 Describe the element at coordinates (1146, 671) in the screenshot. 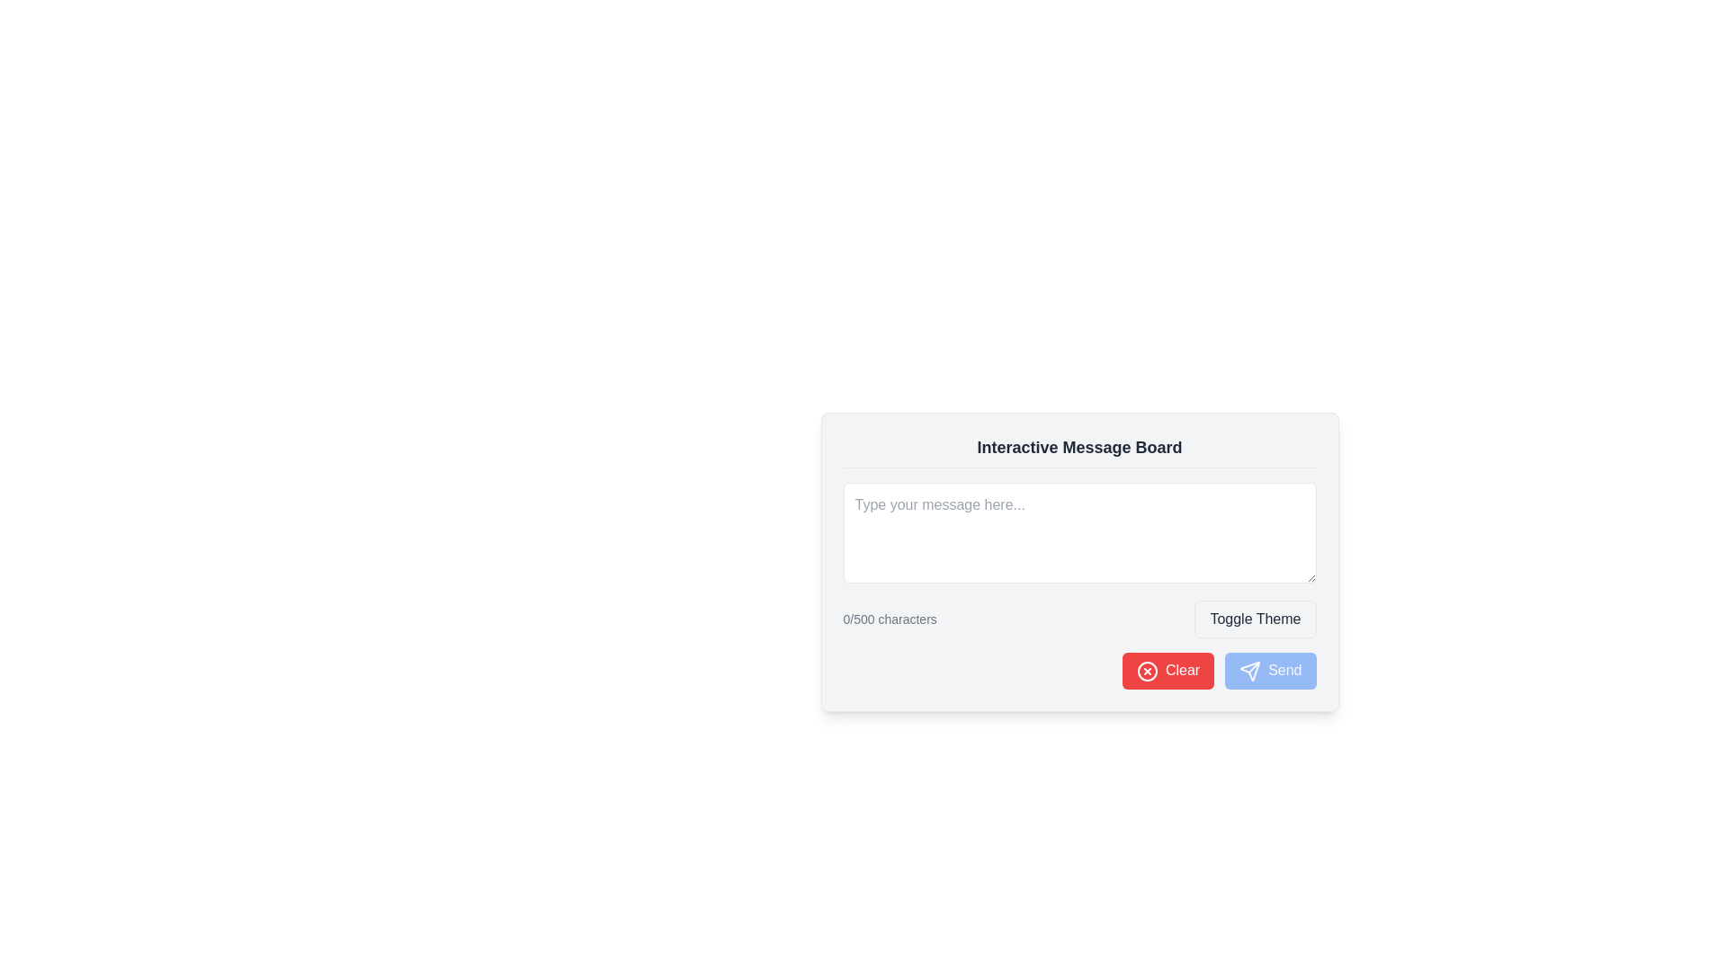

I see `the red circular close icon with a white cross, located adjacent to the 'Clear' button at the bottom-left corner of the interactive message board interface` at that location.